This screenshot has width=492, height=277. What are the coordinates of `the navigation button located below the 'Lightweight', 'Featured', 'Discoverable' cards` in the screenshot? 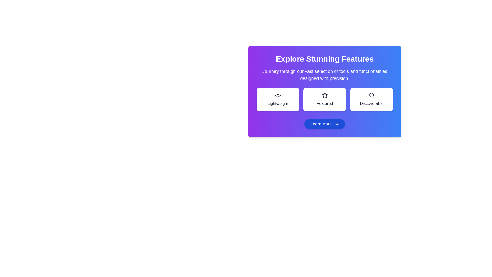 It's located at (324, 124).